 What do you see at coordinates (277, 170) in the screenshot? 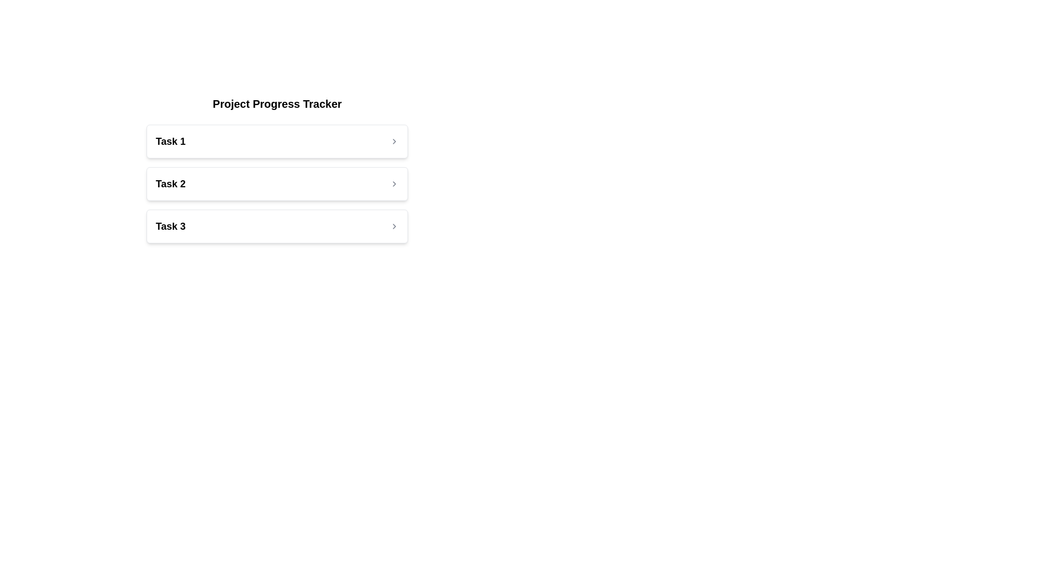
I see `on the second task card labeled 'Task 2' in the progress tracker` at bounding box center [277, 170].